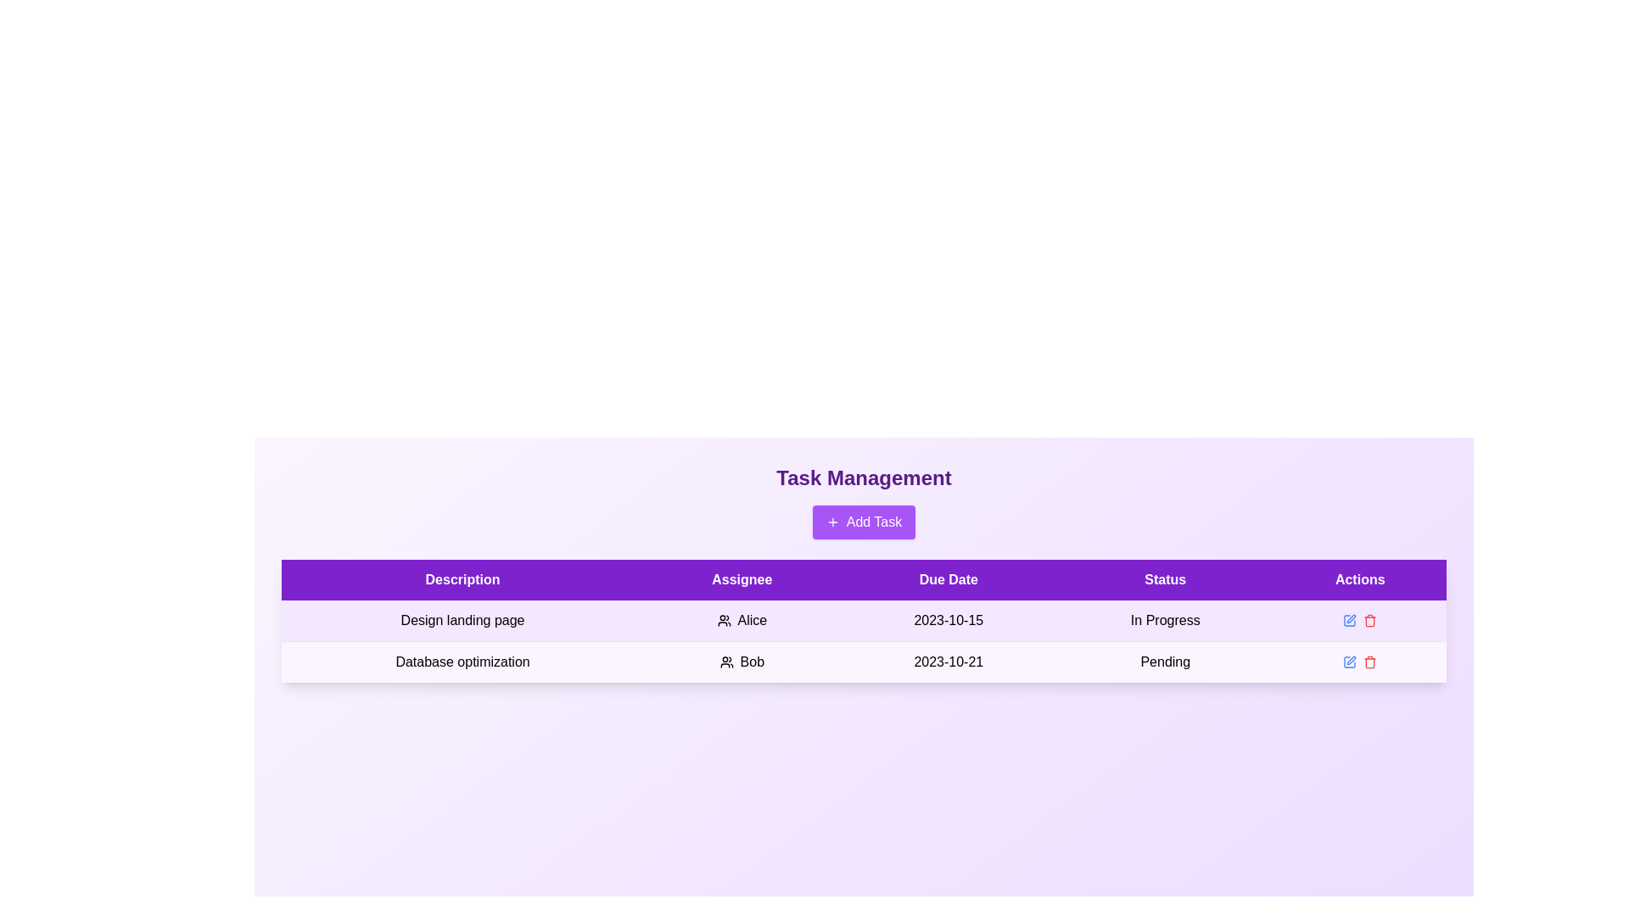  Describe the element at coordinates (1360, 661) in the screenshot. I see `the grouped interactive icons in the 'Actions' column of the second row, which corresponds to 'Database optimization'` at that location.